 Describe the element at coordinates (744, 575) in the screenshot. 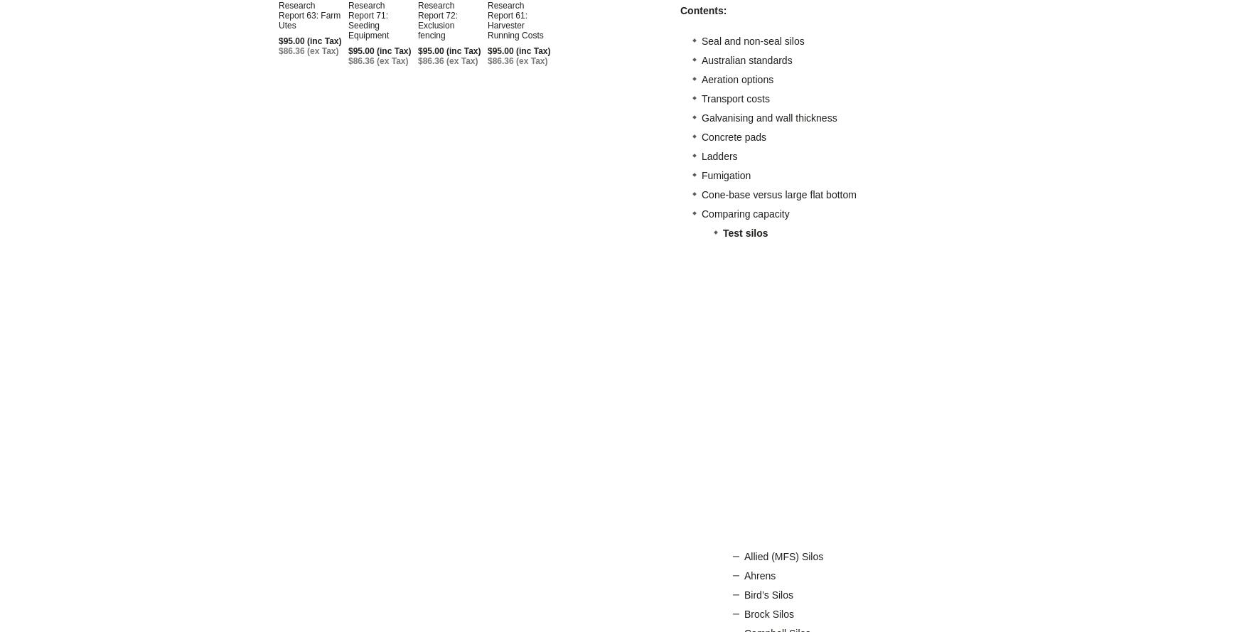

I see `'Ahrens'` at that location.